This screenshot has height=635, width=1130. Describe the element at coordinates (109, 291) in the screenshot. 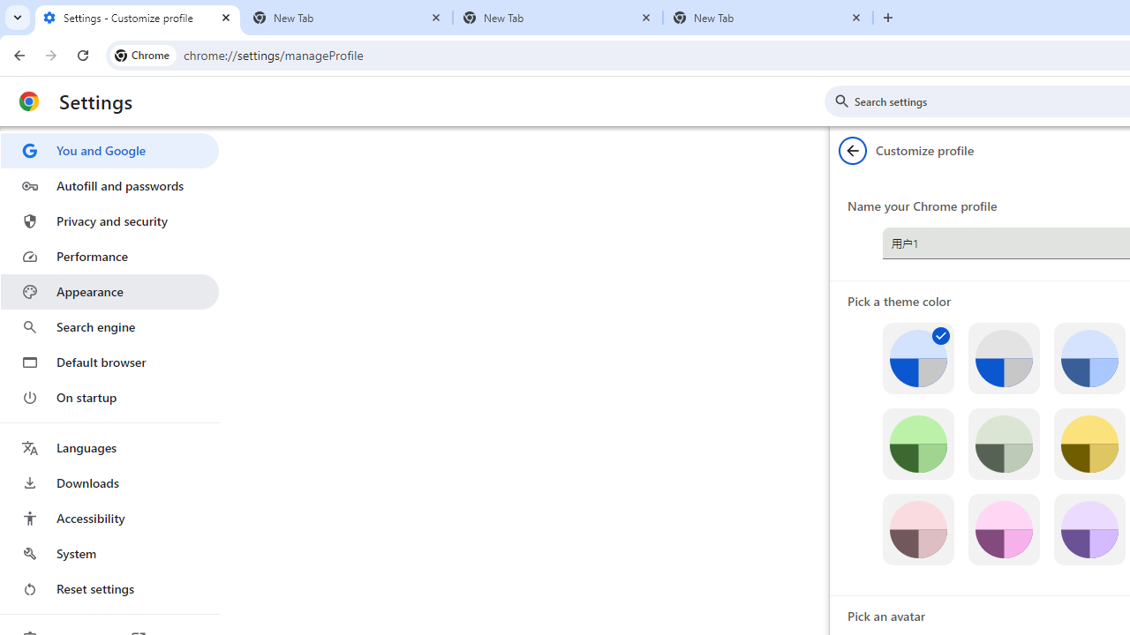

I see `'Appearance'` at that location.